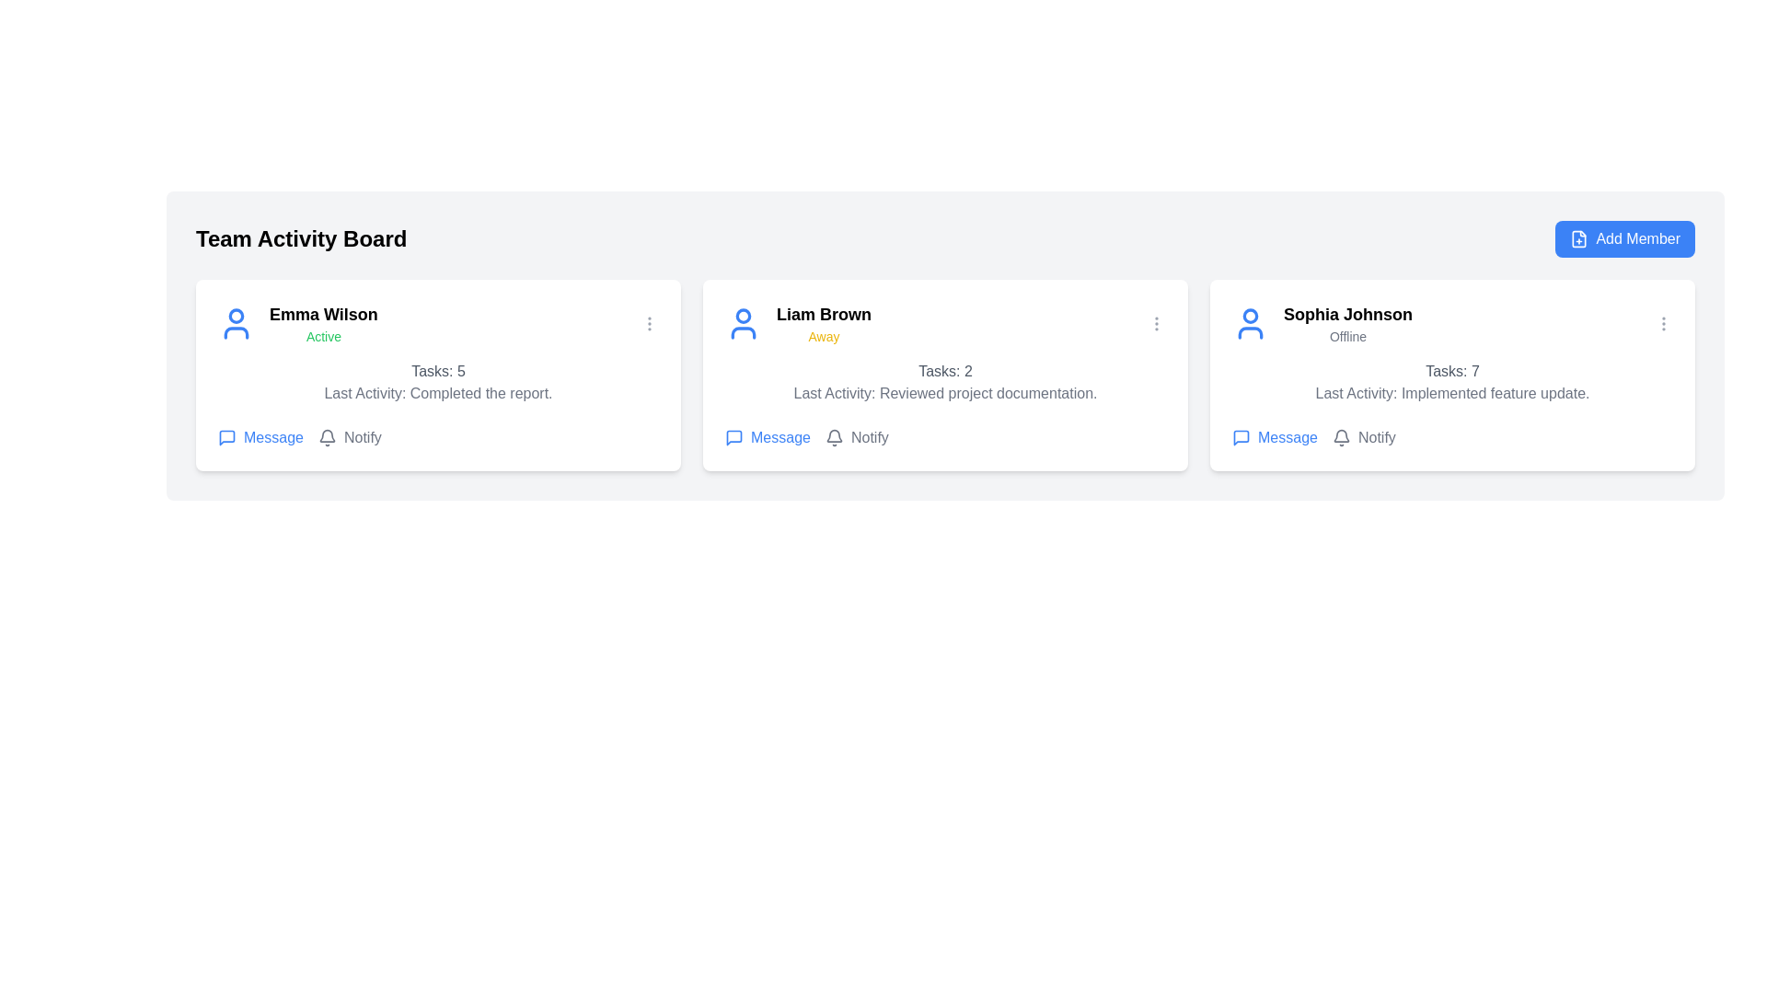  What do you see at coordinates (1451, 393) in the screenshot?
I see `text displayed below the 'Tasks: 7' line within the Sophia Johnson card, which states 'Last Activity: Implemented feature update.'` at bounding box center [1451, 393].